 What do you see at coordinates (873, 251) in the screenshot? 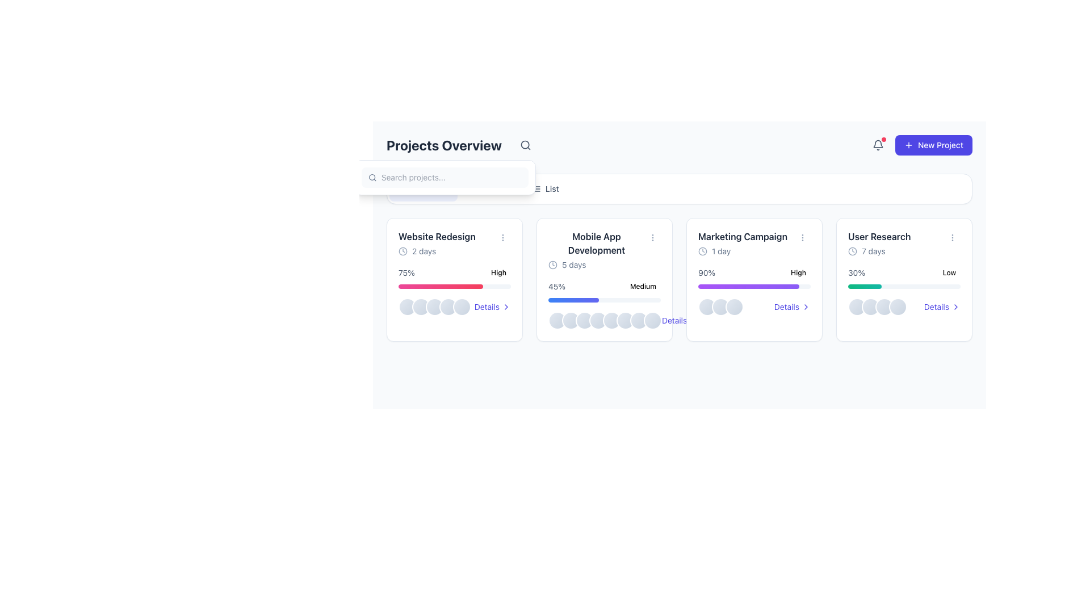
I see `the '7 days' text label displayed in slate gray color, located within the 'User Research' card, near the top left corner below the project name, following a clock icon` at bounding box center [873, 251].